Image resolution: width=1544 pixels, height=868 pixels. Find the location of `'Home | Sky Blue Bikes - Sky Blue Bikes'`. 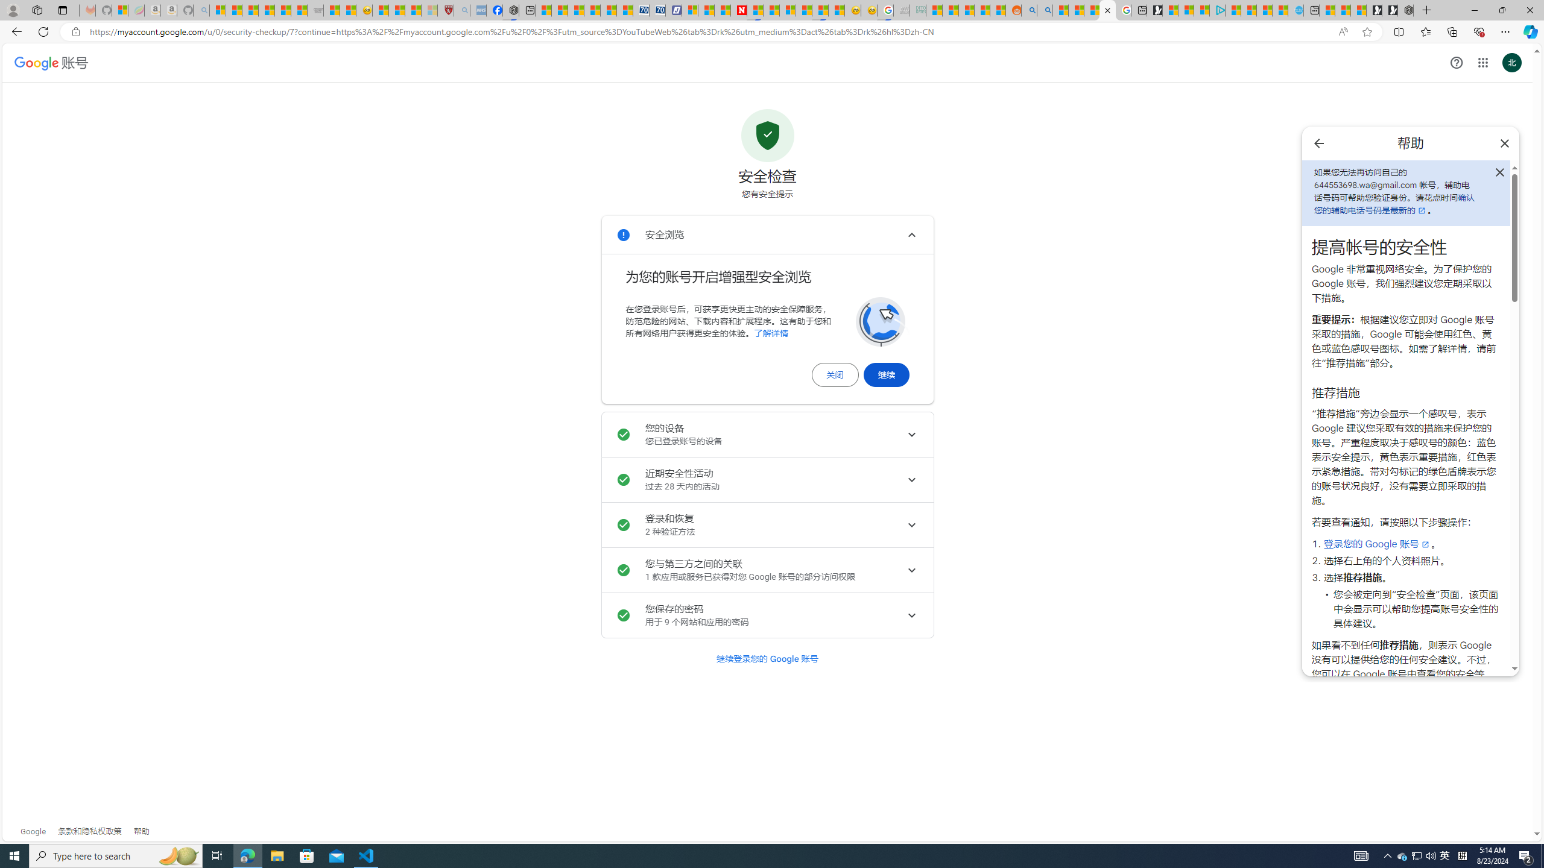

'Home | Sky Blue Bikes - Sky Blue Bikes' is located at coordinates (1296, 10).